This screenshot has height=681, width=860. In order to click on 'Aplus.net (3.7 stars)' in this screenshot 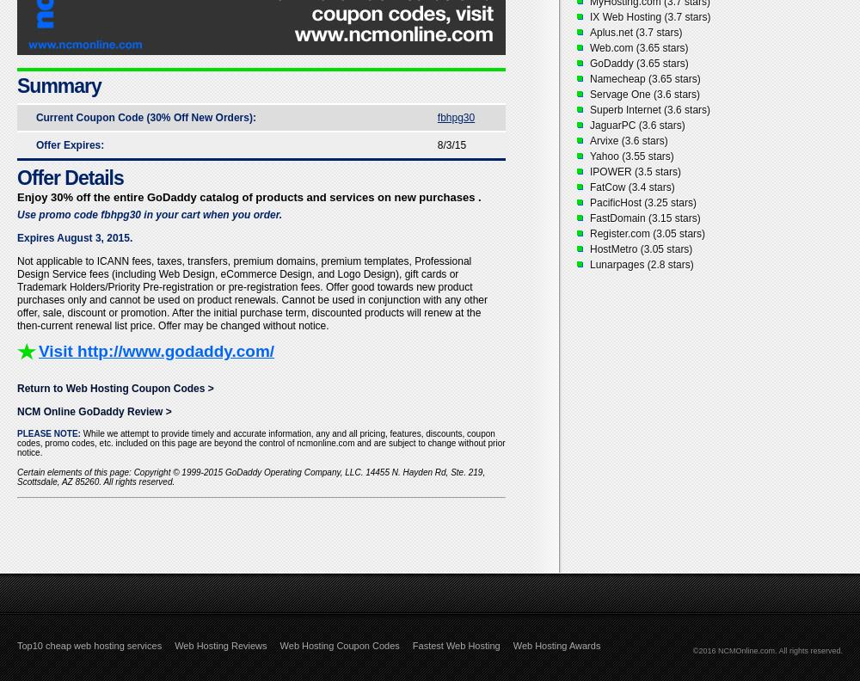, I will do `click(635, 32)`.